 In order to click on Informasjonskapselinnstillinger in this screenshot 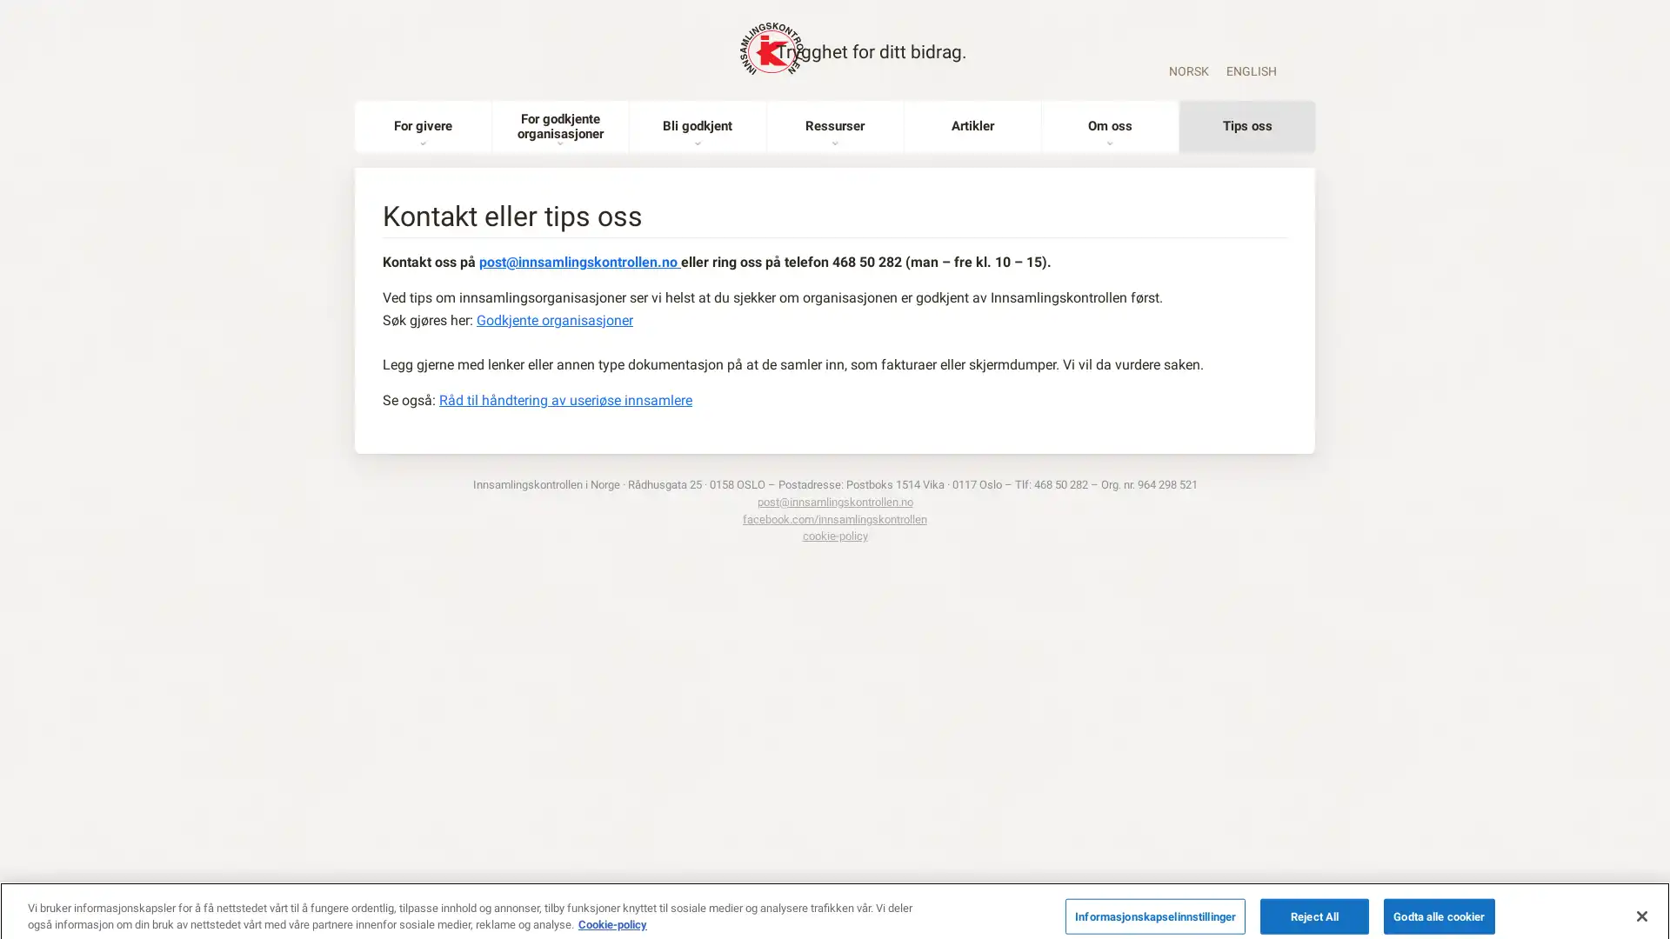, I will do `click(1155, 901)`.